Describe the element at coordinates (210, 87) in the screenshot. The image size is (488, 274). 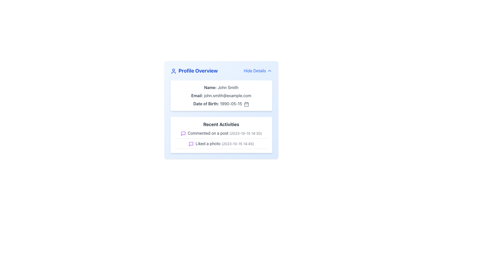
I see `the bolded text label reading 'Name:' located at the beginning of the user's name information within the user profile card` at that location.